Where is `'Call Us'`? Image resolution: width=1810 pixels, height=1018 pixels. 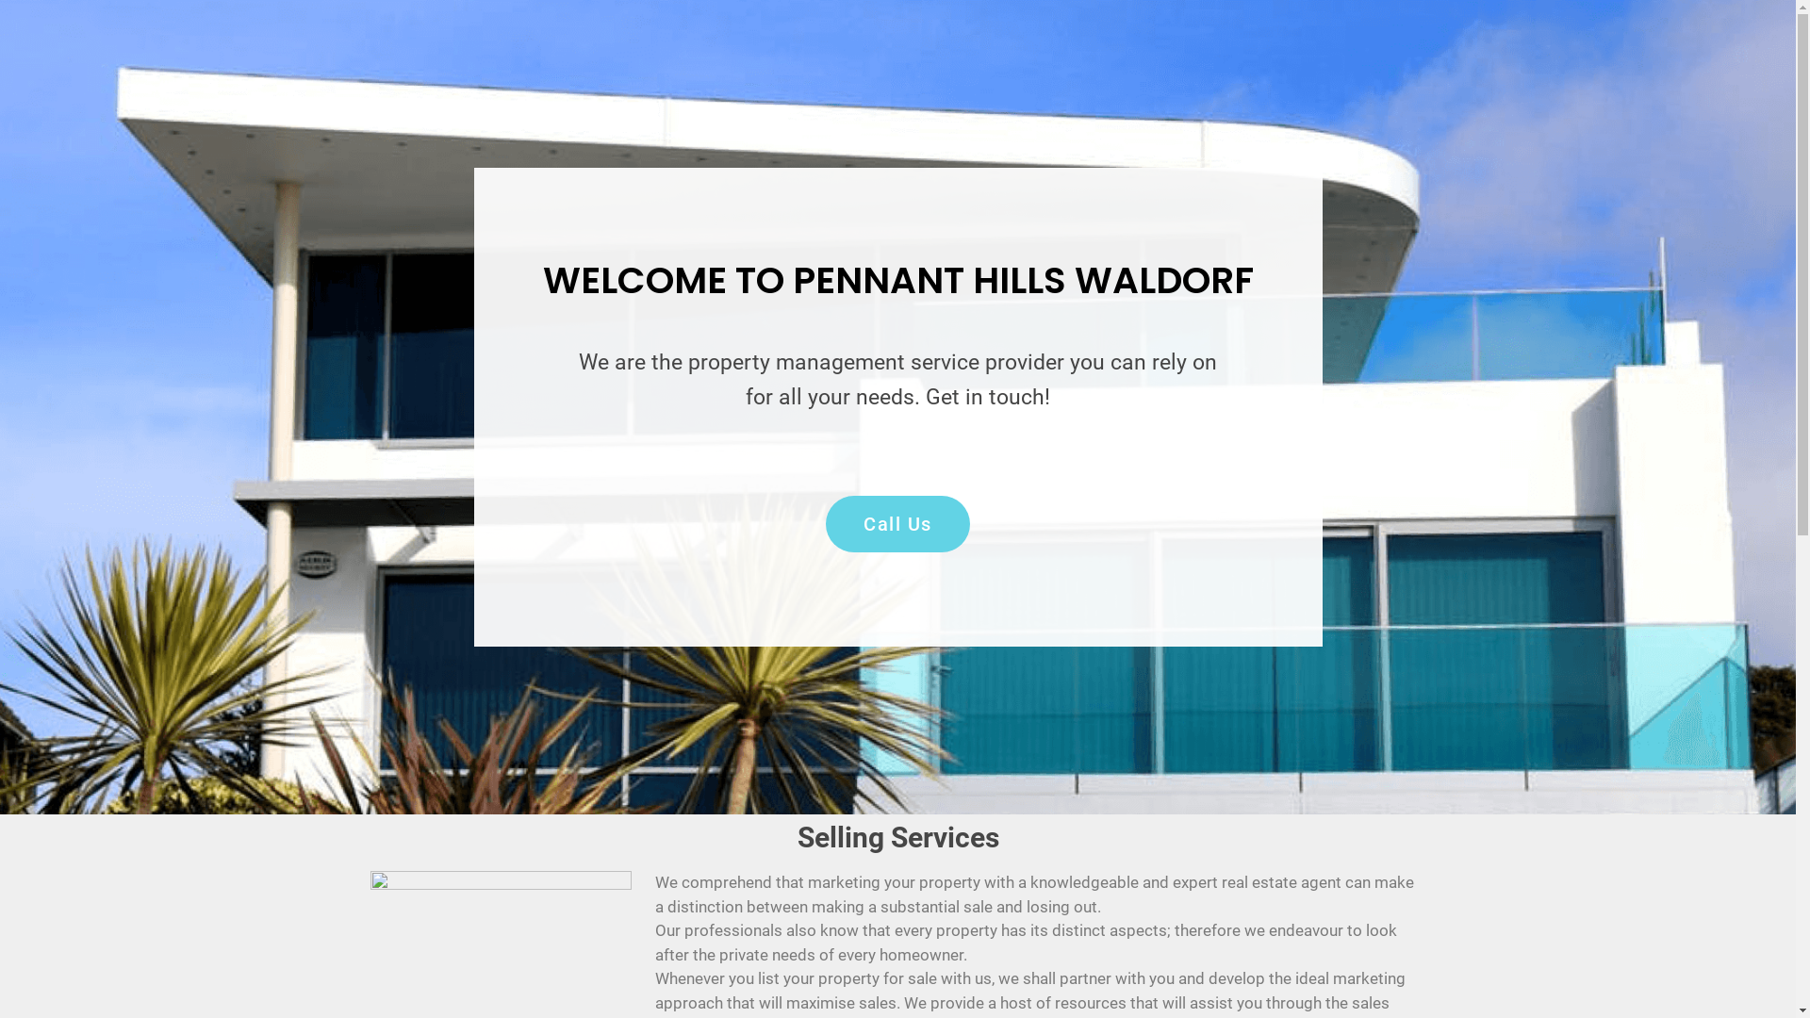 'Call Us' is located at coordinates (897, 523).